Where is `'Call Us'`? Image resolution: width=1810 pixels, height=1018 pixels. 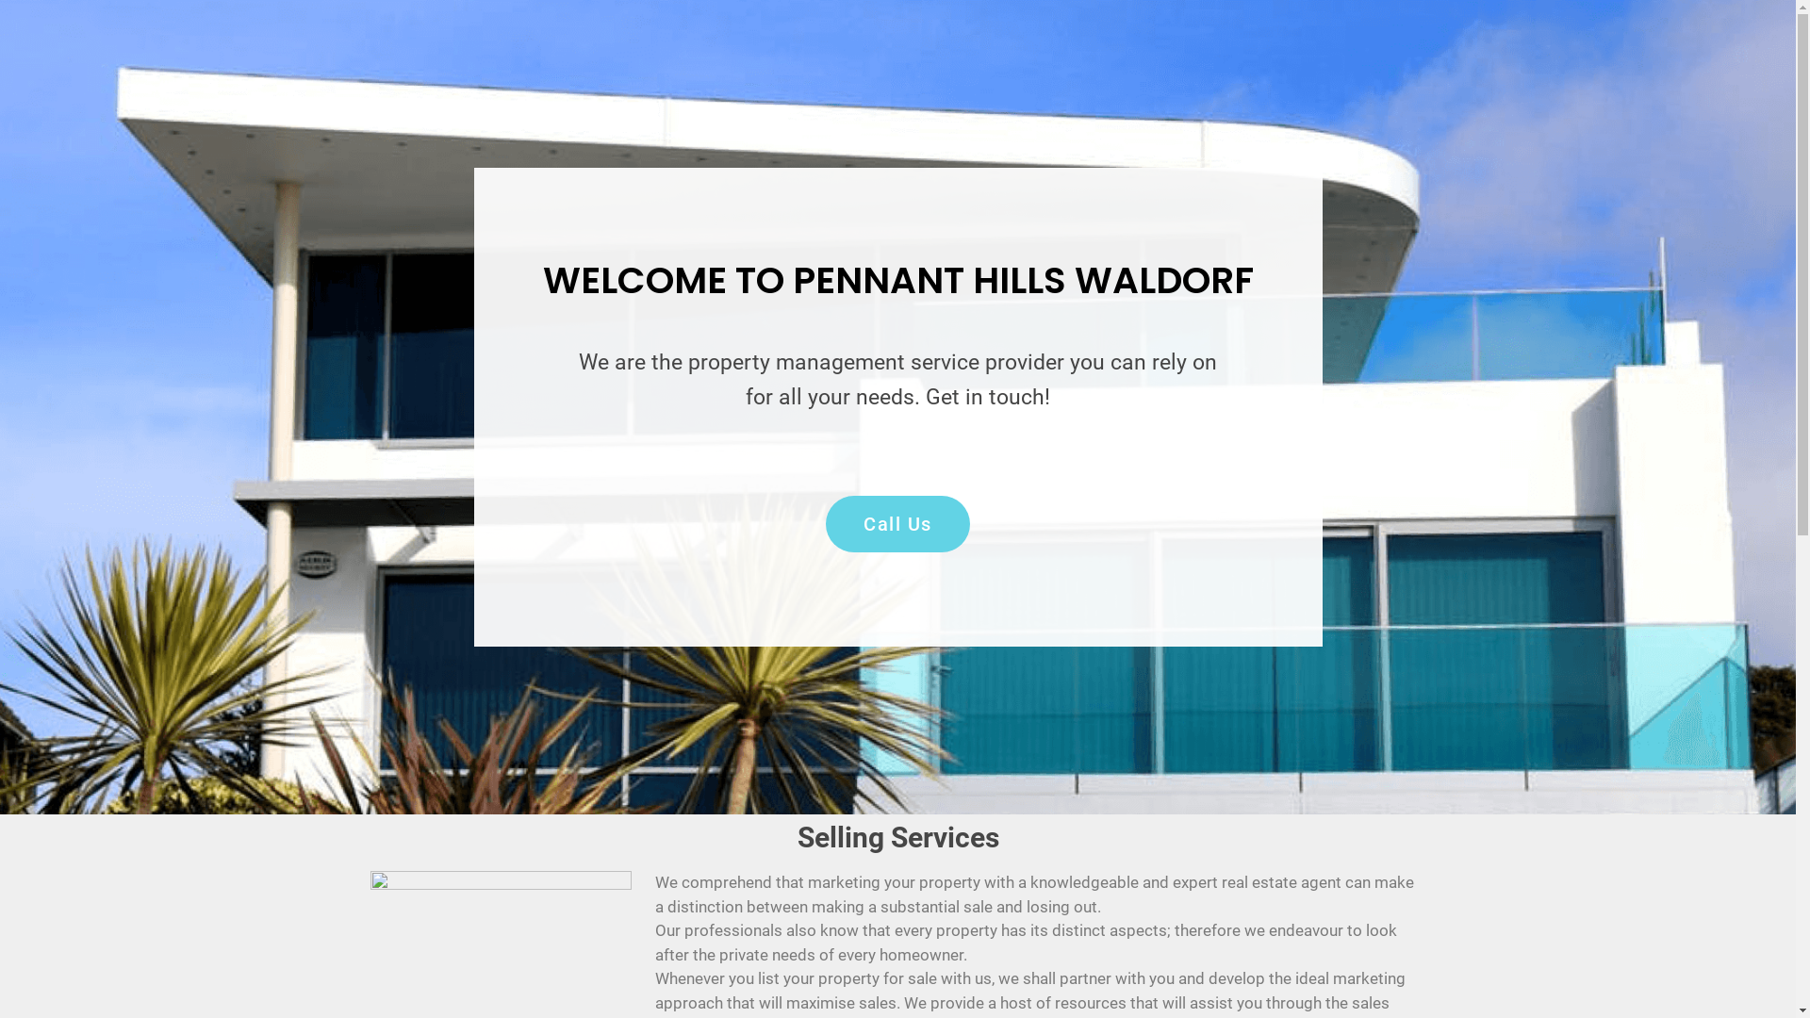 'Call Us' is located at coordinates (897, 523).